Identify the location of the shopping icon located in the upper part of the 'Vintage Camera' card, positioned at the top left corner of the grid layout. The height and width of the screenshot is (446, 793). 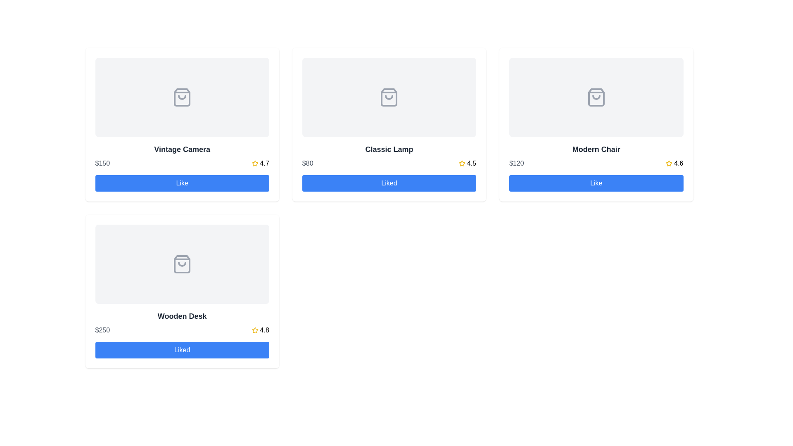
(182, 97).